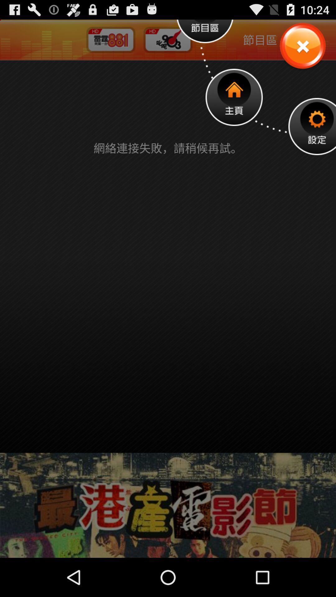  What do you see at coordinates (234, 97) in the screenshot?
I see `homepage` at bounding box center [234, 97].